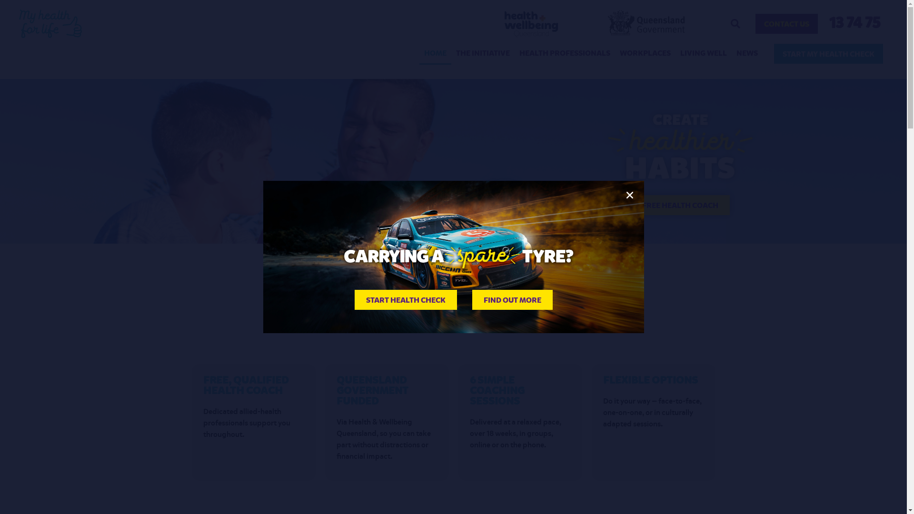 The image size is (914, 514). What do you see at coordinates (435, 53) in the screenshot?
I see `'HOME'` at bounding box center [435, 53].